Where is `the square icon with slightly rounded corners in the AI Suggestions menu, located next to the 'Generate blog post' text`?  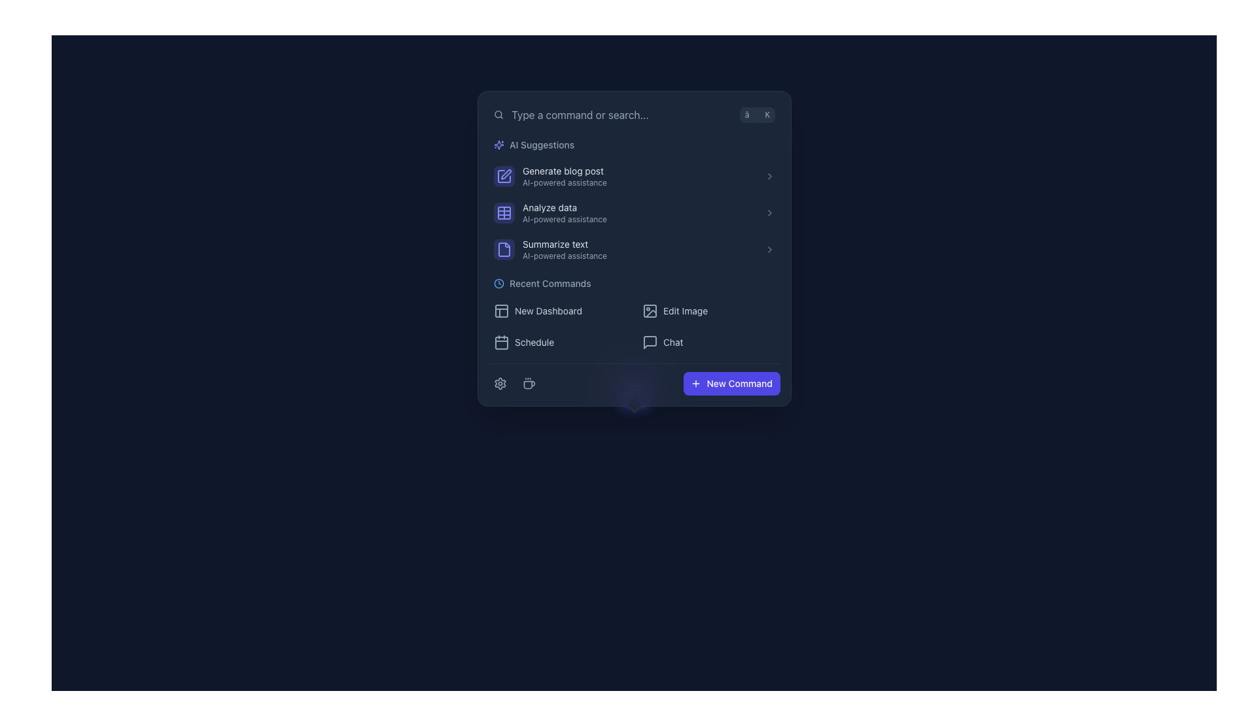 the square icon with slightly rounded corners in the AI Suggestions menu, located next to the 'Generate blog post' text is located at coordinates (503, 176).